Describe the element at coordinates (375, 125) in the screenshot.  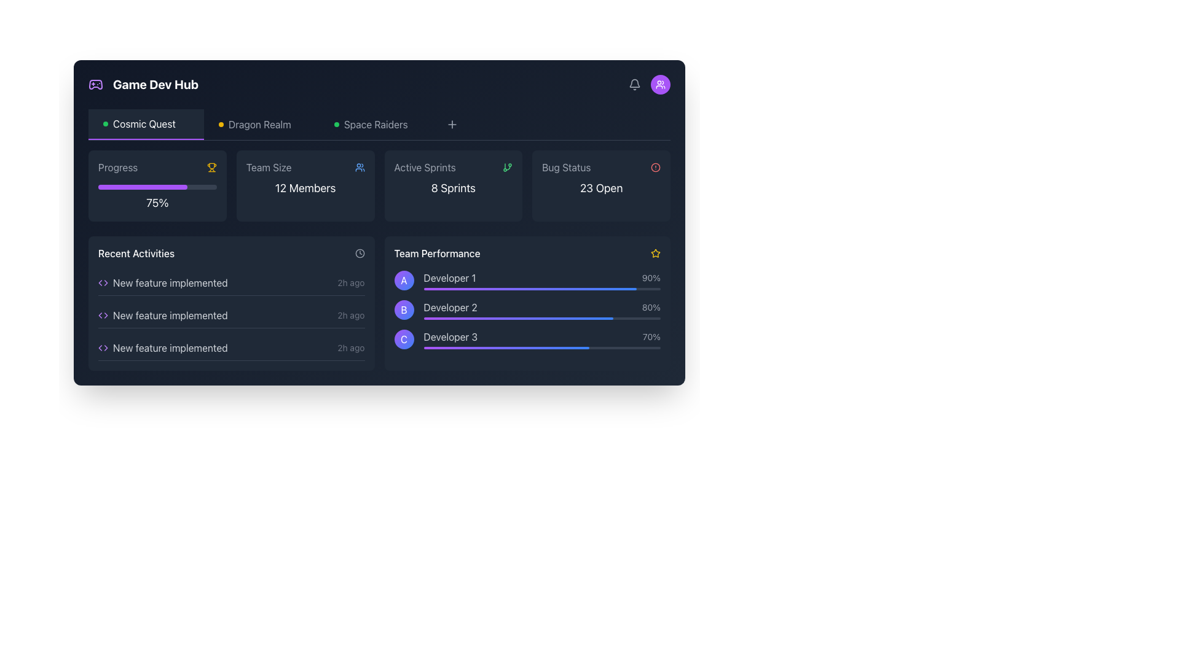
I see `the 'Space Raiders' text label, which is displayed in light gray on a dark blue background` at that location.